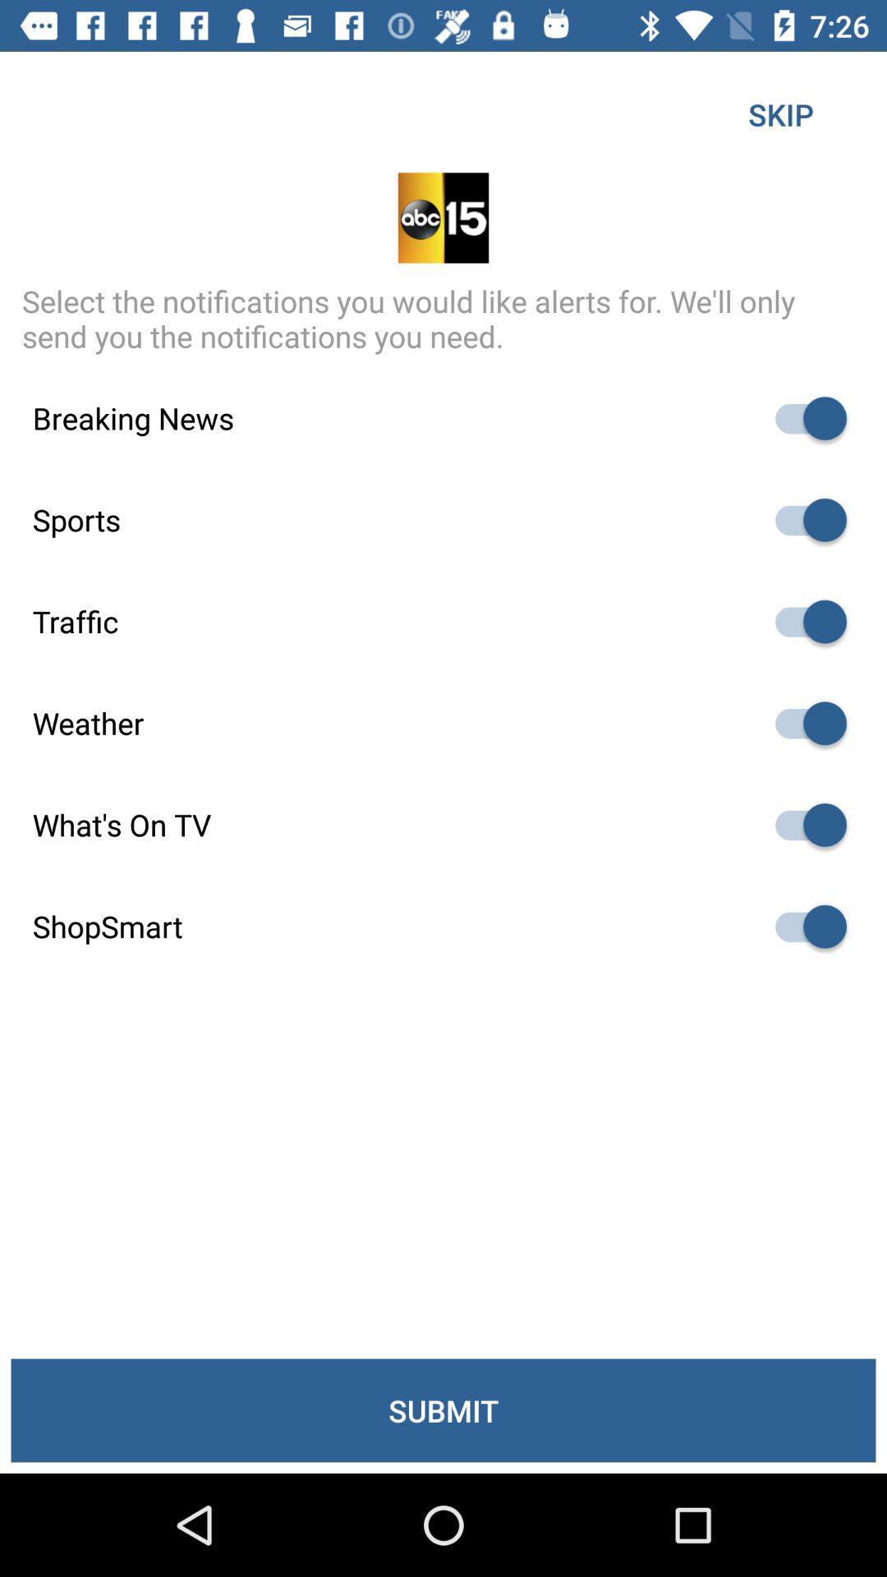 Image resolution: width=887 pixels, height=1577 pixels. I want to click on turn on/off alerts for shopsmart, so click(802, 926).